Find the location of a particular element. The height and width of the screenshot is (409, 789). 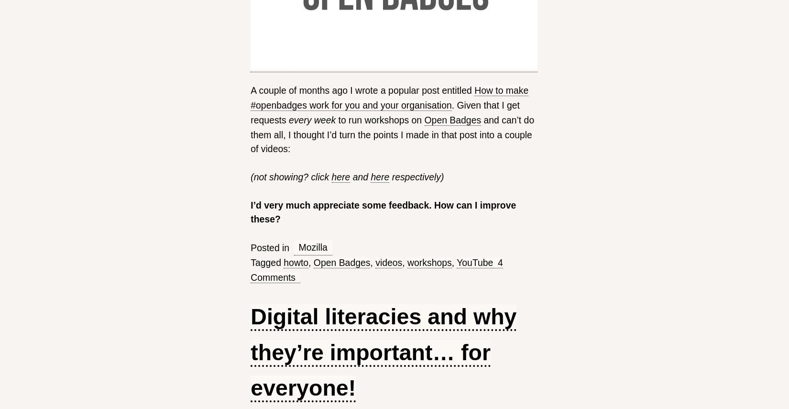

'A couple of months ago I wrote a popular post entitled' is located at coordinates (362, 90).